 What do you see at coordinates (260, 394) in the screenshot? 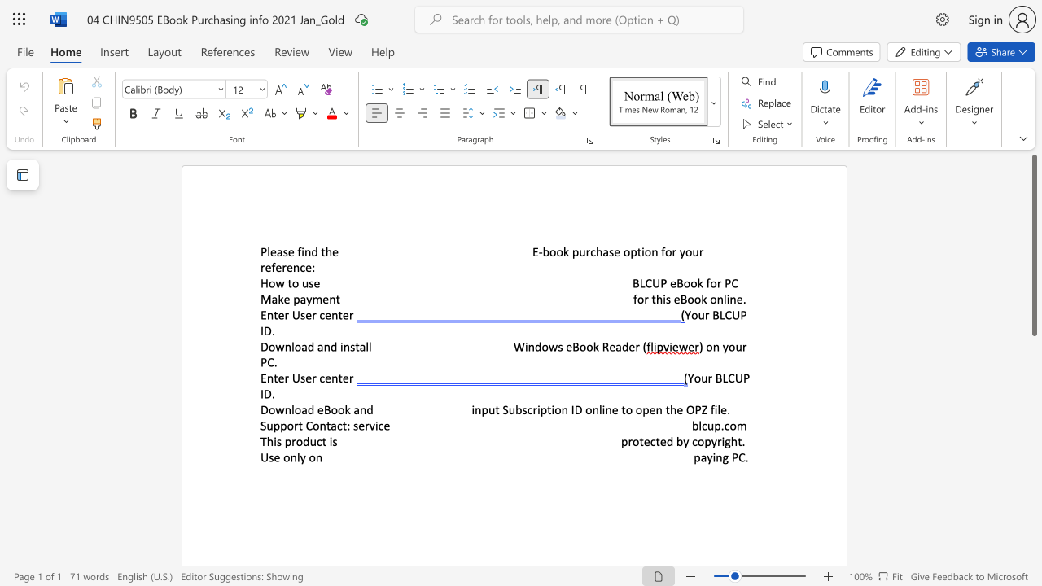
I see `the subset text "ID." within the text "Your BLCUP ID."` at bounding box center [260, 394].